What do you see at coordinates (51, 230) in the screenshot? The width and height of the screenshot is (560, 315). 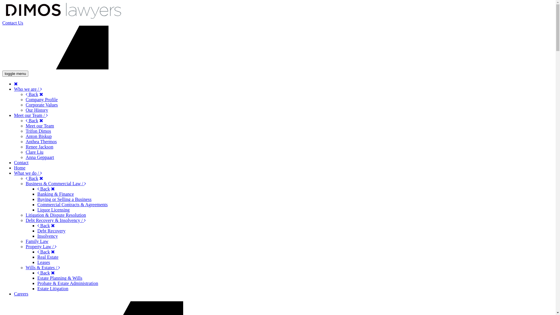 I see `'Debt Recovery'` at bounding box center [51, 230].